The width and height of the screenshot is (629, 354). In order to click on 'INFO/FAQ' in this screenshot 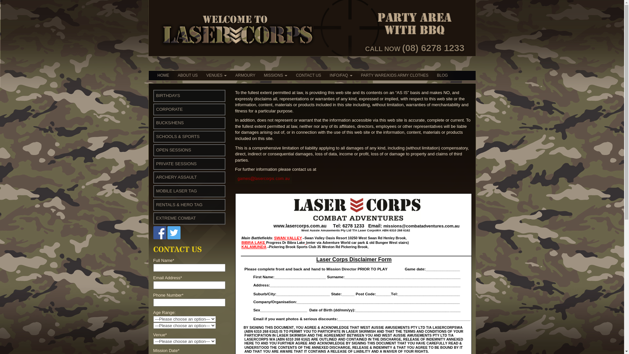, I will do `click(341, 75)`.